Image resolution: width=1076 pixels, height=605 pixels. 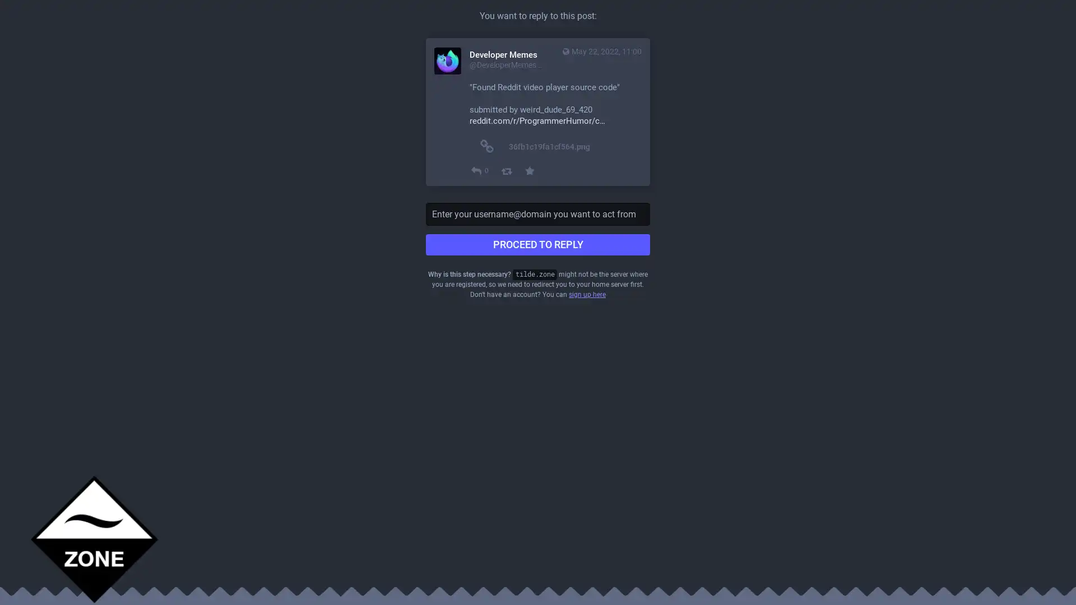 What do you see at coordinates (538, 244) in the screenshot?
I see `PROCEED TO REPLY` at bounding box center [538, 244].